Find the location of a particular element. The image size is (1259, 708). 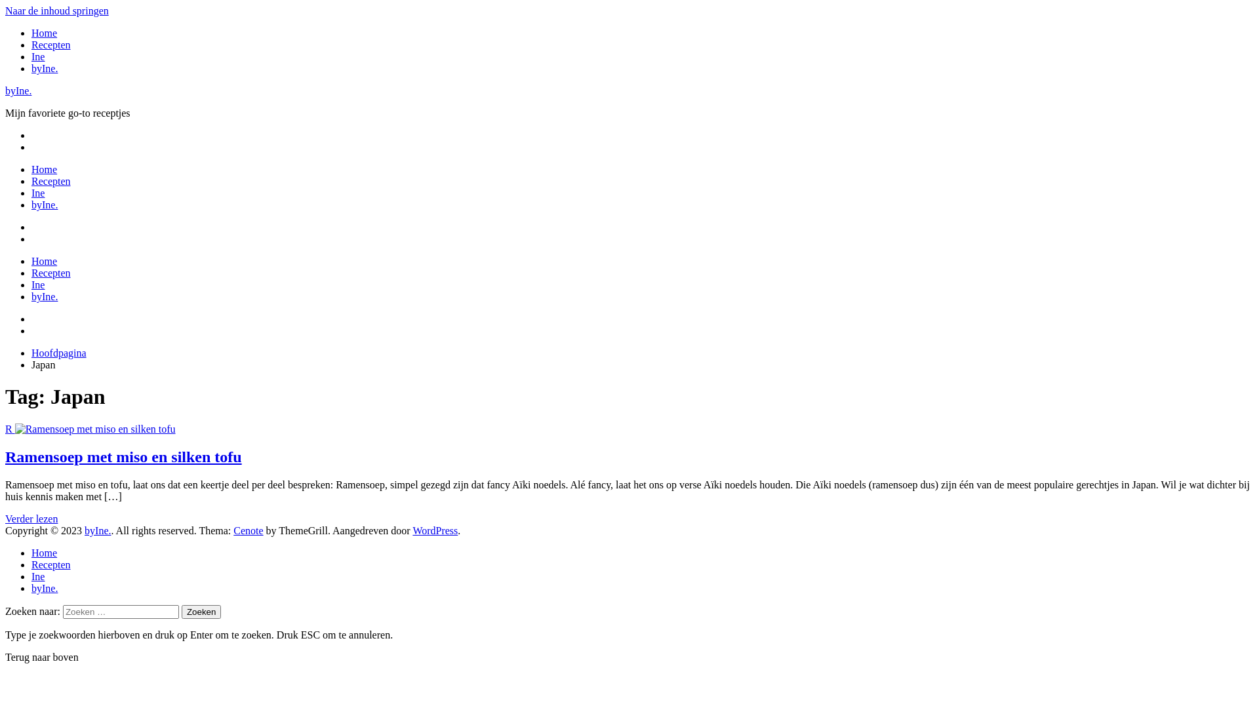

'byIne.' is located at coordinates (44, 587).